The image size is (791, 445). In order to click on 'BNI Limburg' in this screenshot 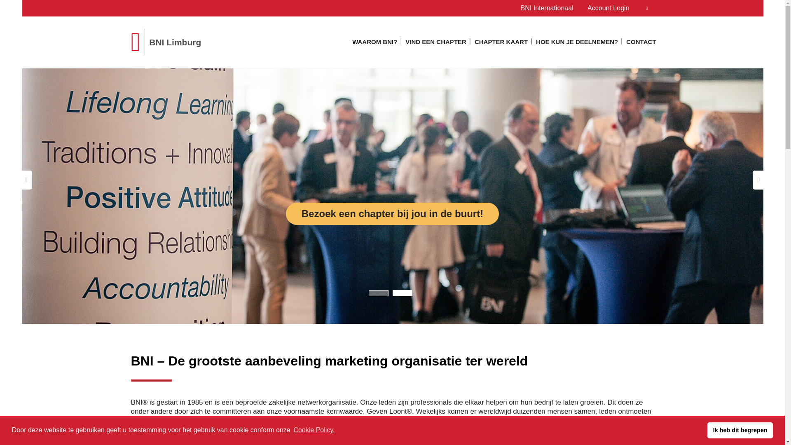, I will do `click(166, 42)`.